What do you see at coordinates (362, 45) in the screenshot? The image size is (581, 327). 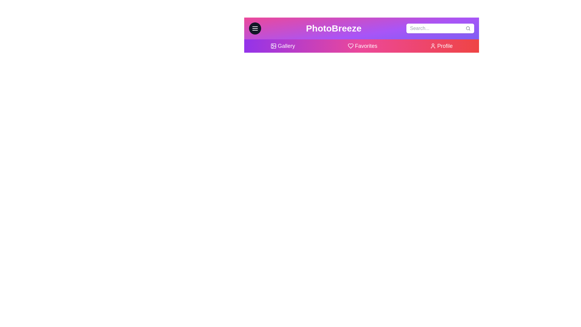 I see `the 'Favorites' button to navigate to the 'Favorites' section` at bounding box center [362, 45].